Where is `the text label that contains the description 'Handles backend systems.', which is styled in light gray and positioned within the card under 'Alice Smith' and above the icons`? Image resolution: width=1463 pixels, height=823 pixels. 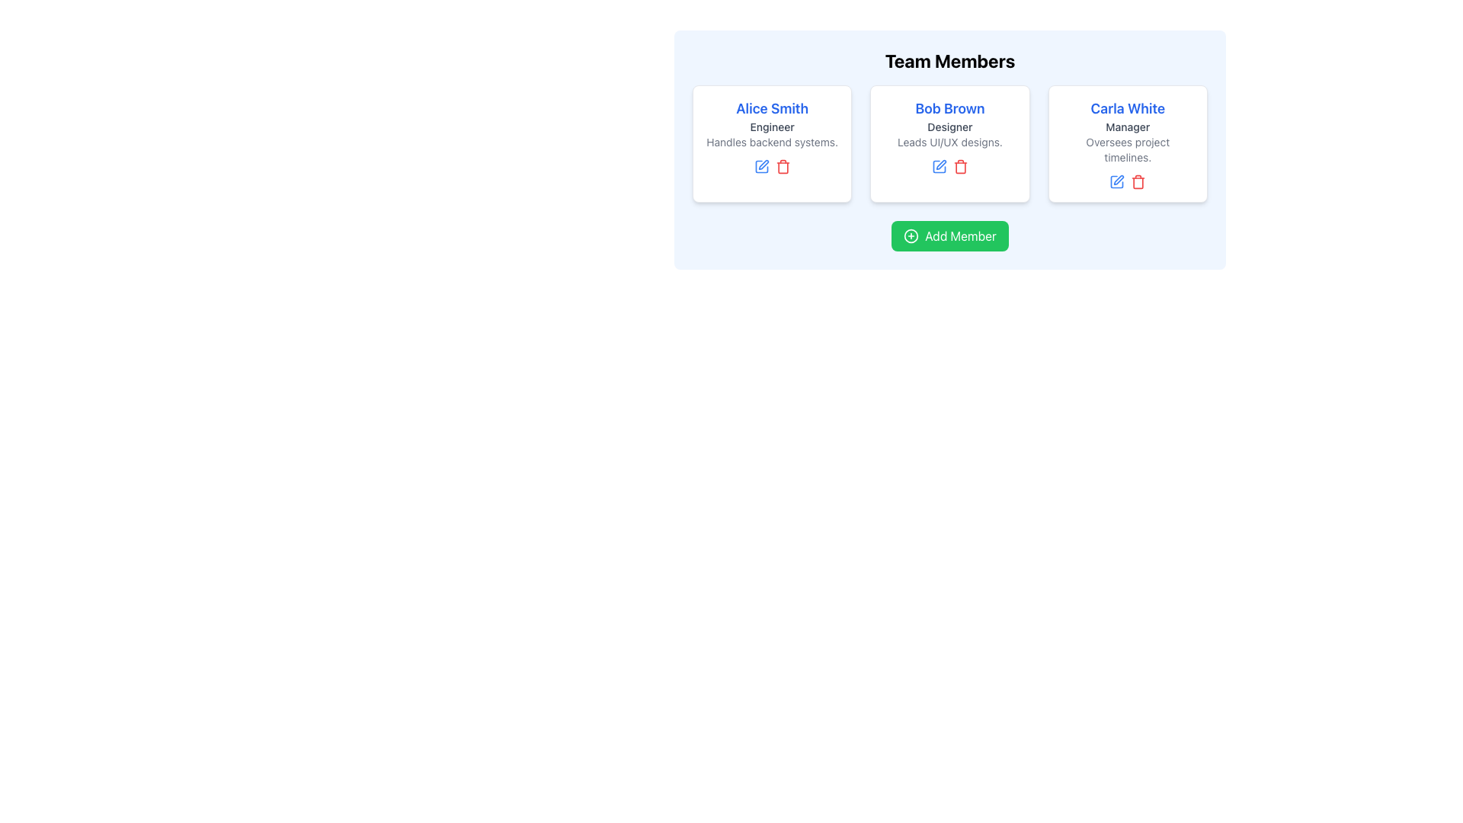
the text label that contains the description 'Handles backend systems.', which is styled in light gray and positioned within the card under 'Alice Smith' and above the icons is located at coordinates (772, 142).